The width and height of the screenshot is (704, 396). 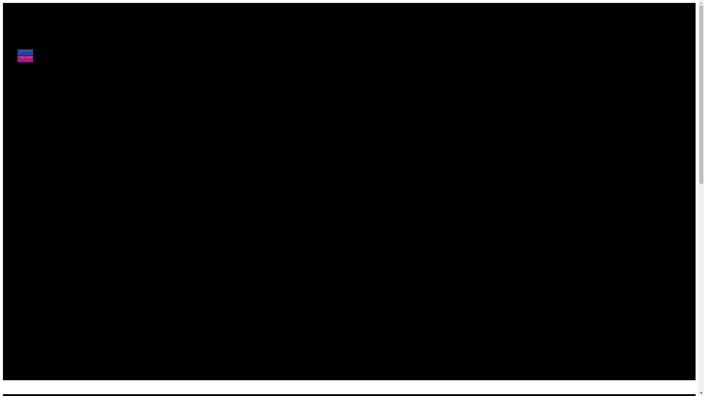 What do you see at coordinates (25, 52) in the screenshot?
I see `'Suivre'` at bounding box center [25, 52].